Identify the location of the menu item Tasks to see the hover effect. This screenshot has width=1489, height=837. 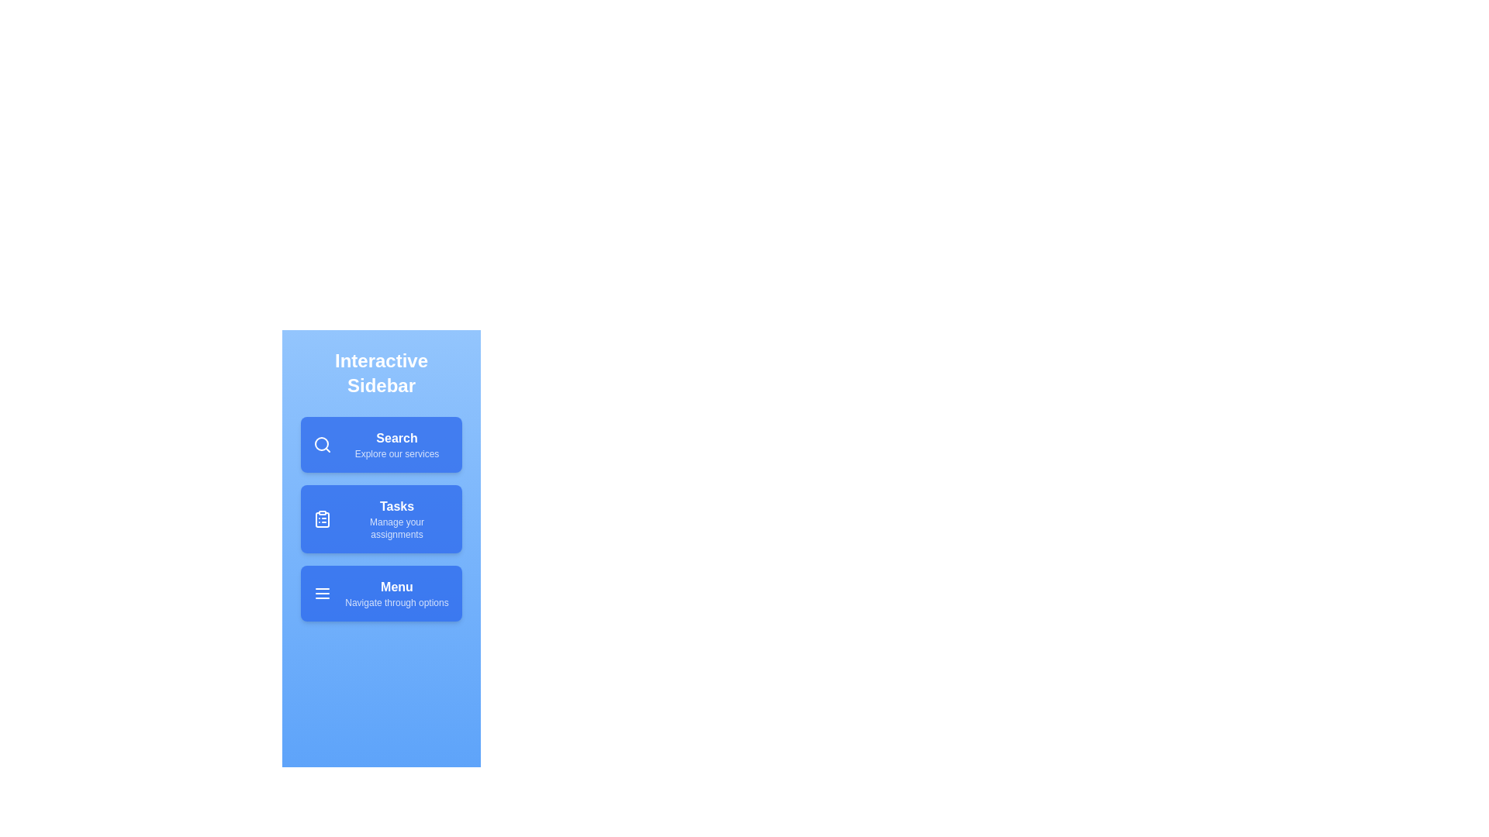
(381, 519).